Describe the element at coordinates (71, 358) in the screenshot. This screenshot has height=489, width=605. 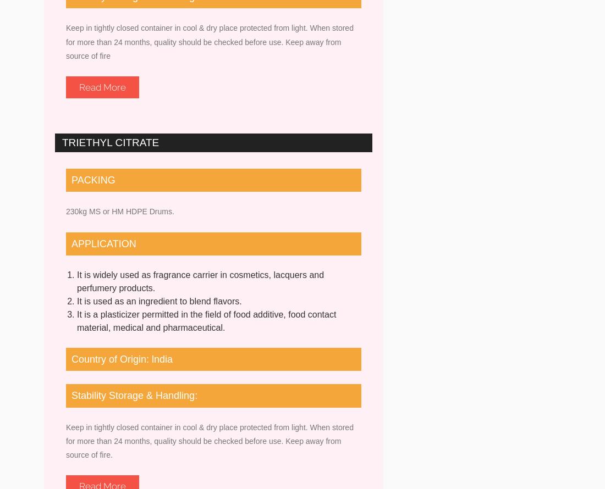
I see `'Country of Origin: lndia'` at that location.